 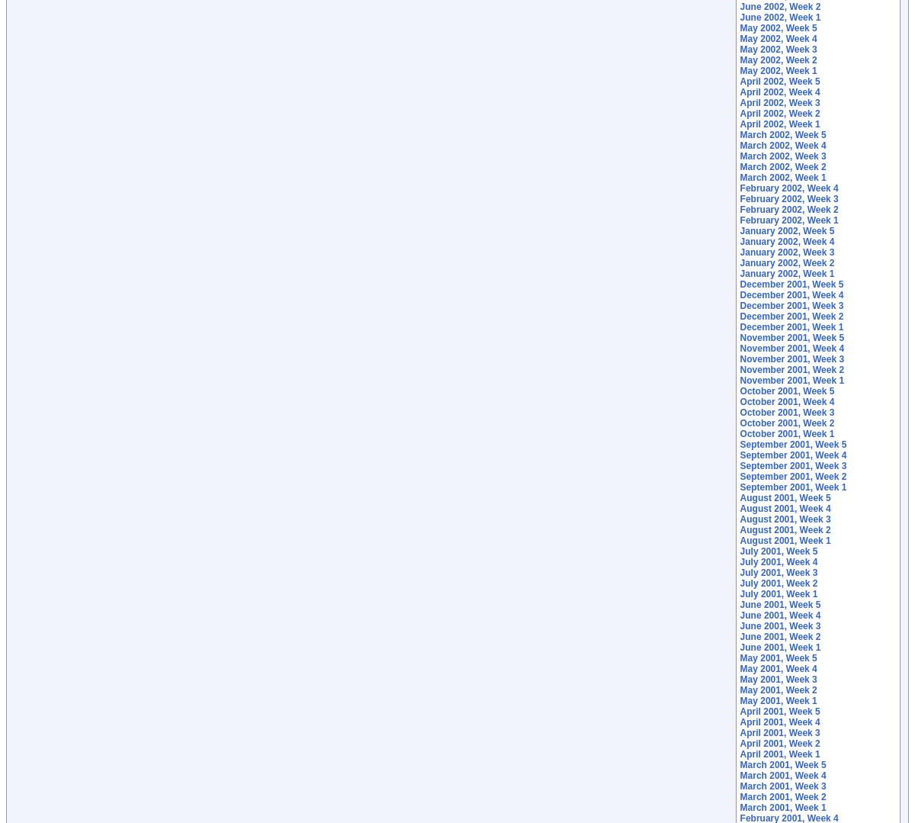 What do you see at coordinates (739, 134) in the screenshot?
I see `'March 2002, Week 5'` at bounding box center [739, 134].